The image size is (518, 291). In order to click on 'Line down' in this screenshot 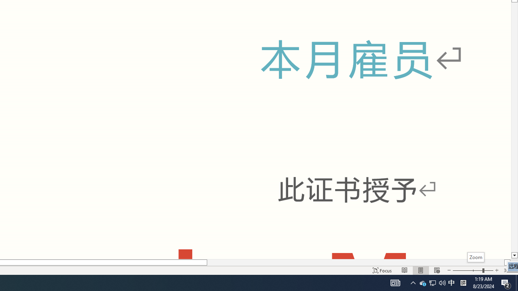, I will do `click(514, 255)`.